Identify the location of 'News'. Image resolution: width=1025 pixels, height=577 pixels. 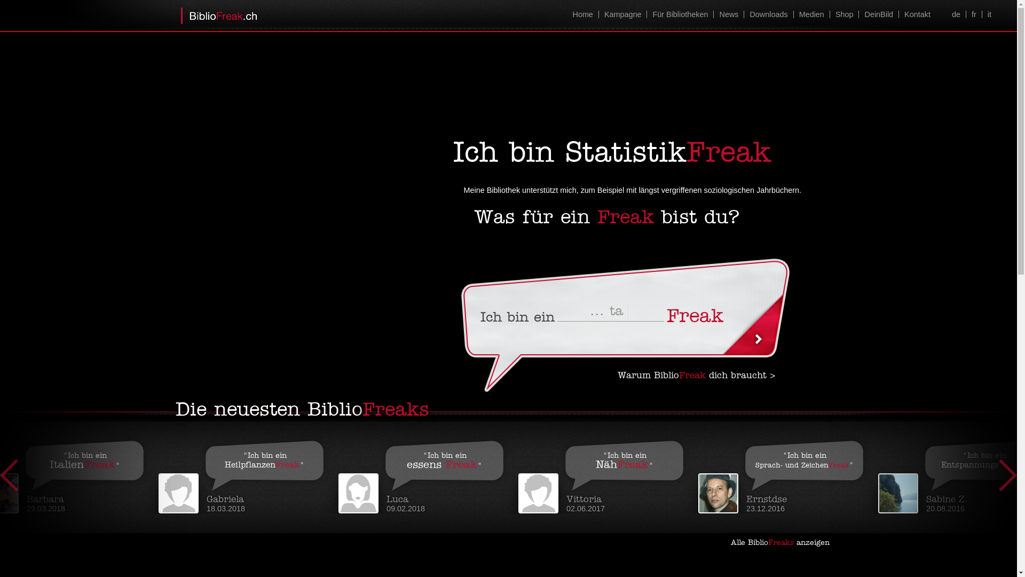
(728, 14).